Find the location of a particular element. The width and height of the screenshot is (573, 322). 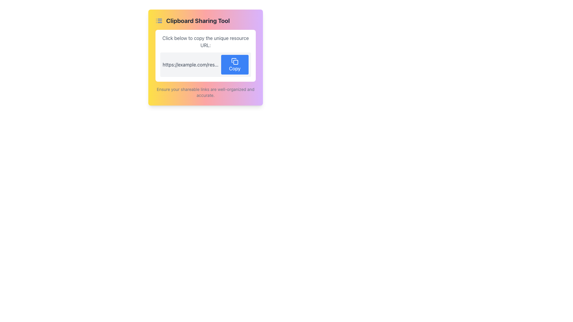

informative static text located at the bottom of the gradient card, which advises on the organization and accuracy of shareable links is located at coordinates (206, 92).